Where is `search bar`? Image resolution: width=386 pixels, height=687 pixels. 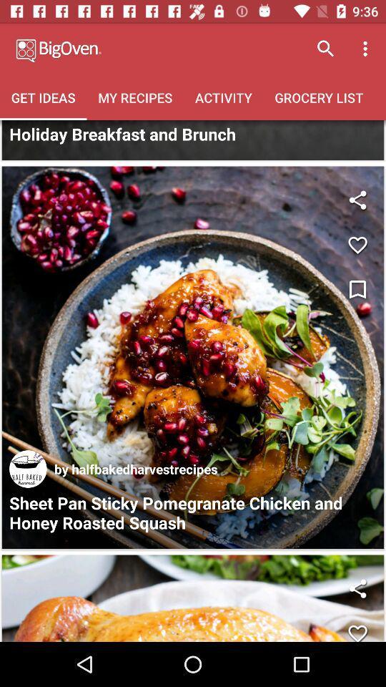
search bar is located at coordinates (193, 140).